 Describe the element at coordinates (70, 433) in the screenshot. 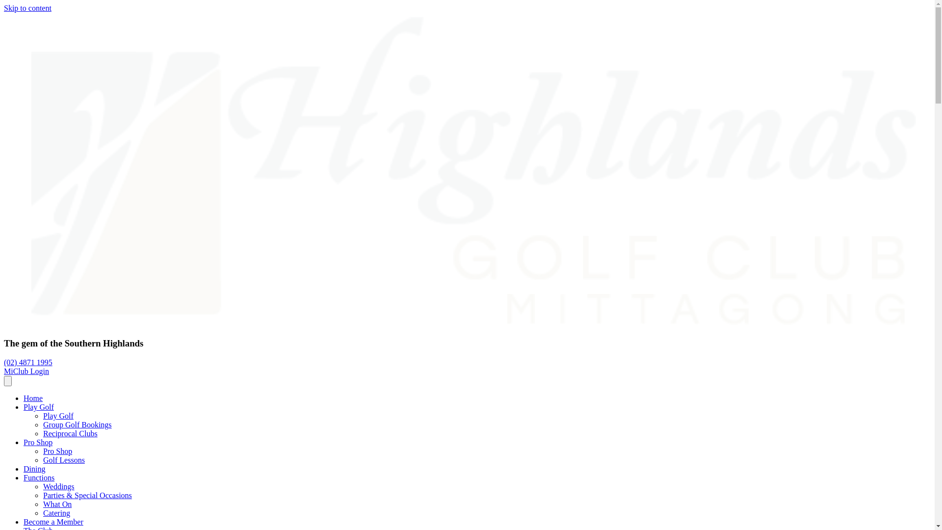

I see `'Reciprocal Clubs'` at that location.